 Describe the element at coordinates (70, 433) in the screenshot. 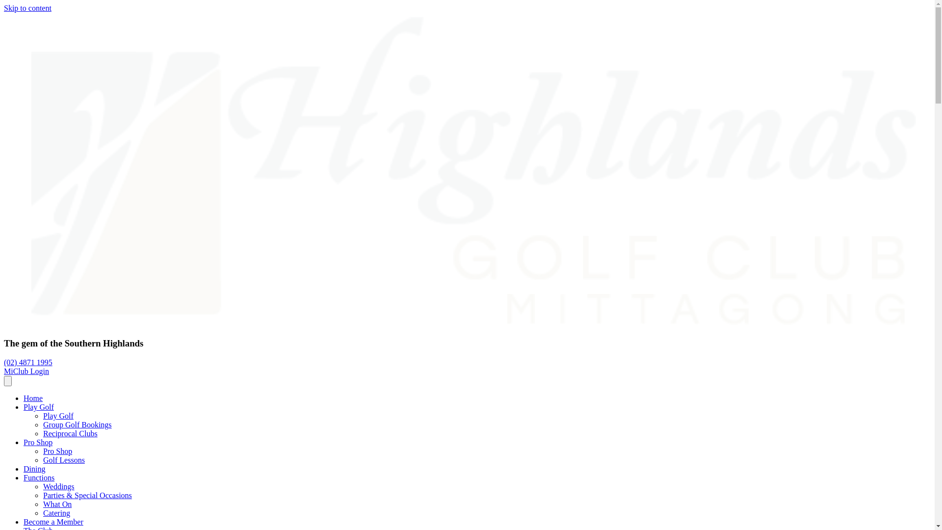

I see `'Reciprocal Clubs'` at that location.